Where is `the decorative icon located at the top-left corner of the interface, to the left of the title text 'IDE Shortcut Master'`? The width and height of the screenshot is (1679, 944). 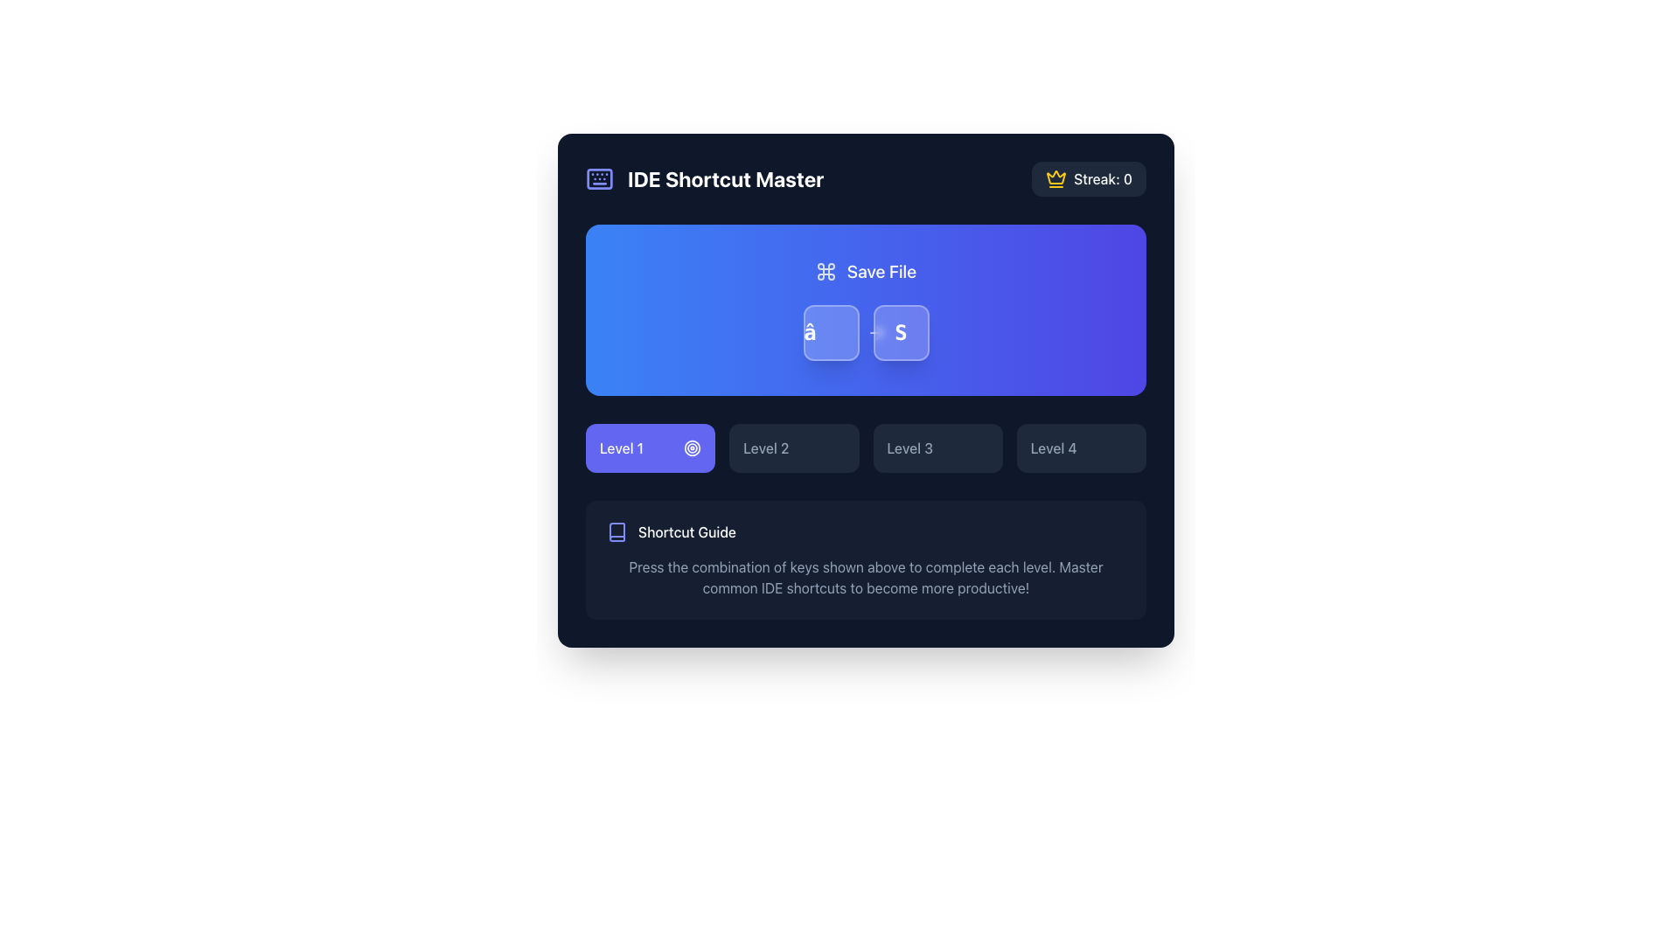
the decorative icon located at the top-left corner of the interface, to the left of the title text 'IDE Shortcut Master' is located at coordinates (600, 178).